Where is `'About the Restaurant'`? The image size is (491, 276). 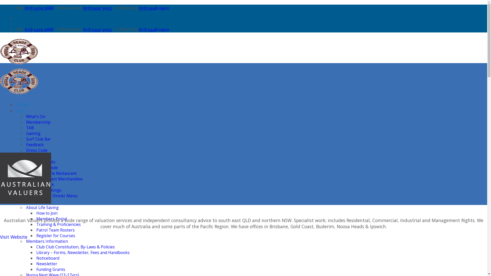 'About the Restaurant' is located at coordinates (36, 173).